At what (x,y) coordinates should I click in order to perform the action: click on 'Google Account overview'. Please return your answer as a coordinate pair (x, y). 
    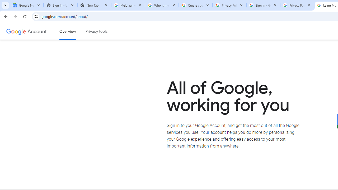
    Looking at the image, I should click on (67, 31).